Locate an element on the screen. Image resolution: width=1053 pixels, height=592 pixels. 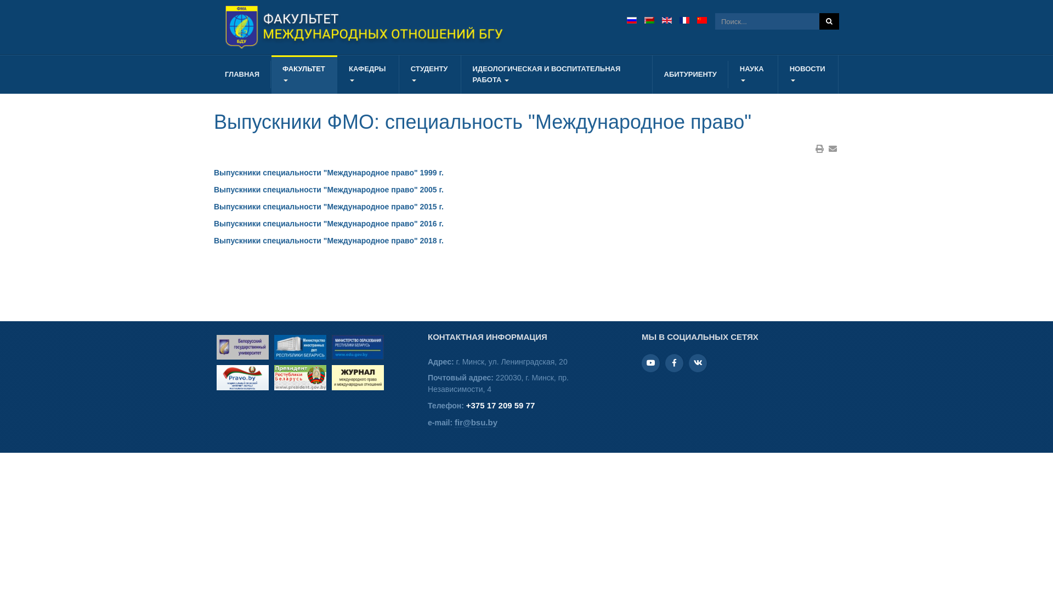
'French' is located at coordinates (684, 20).